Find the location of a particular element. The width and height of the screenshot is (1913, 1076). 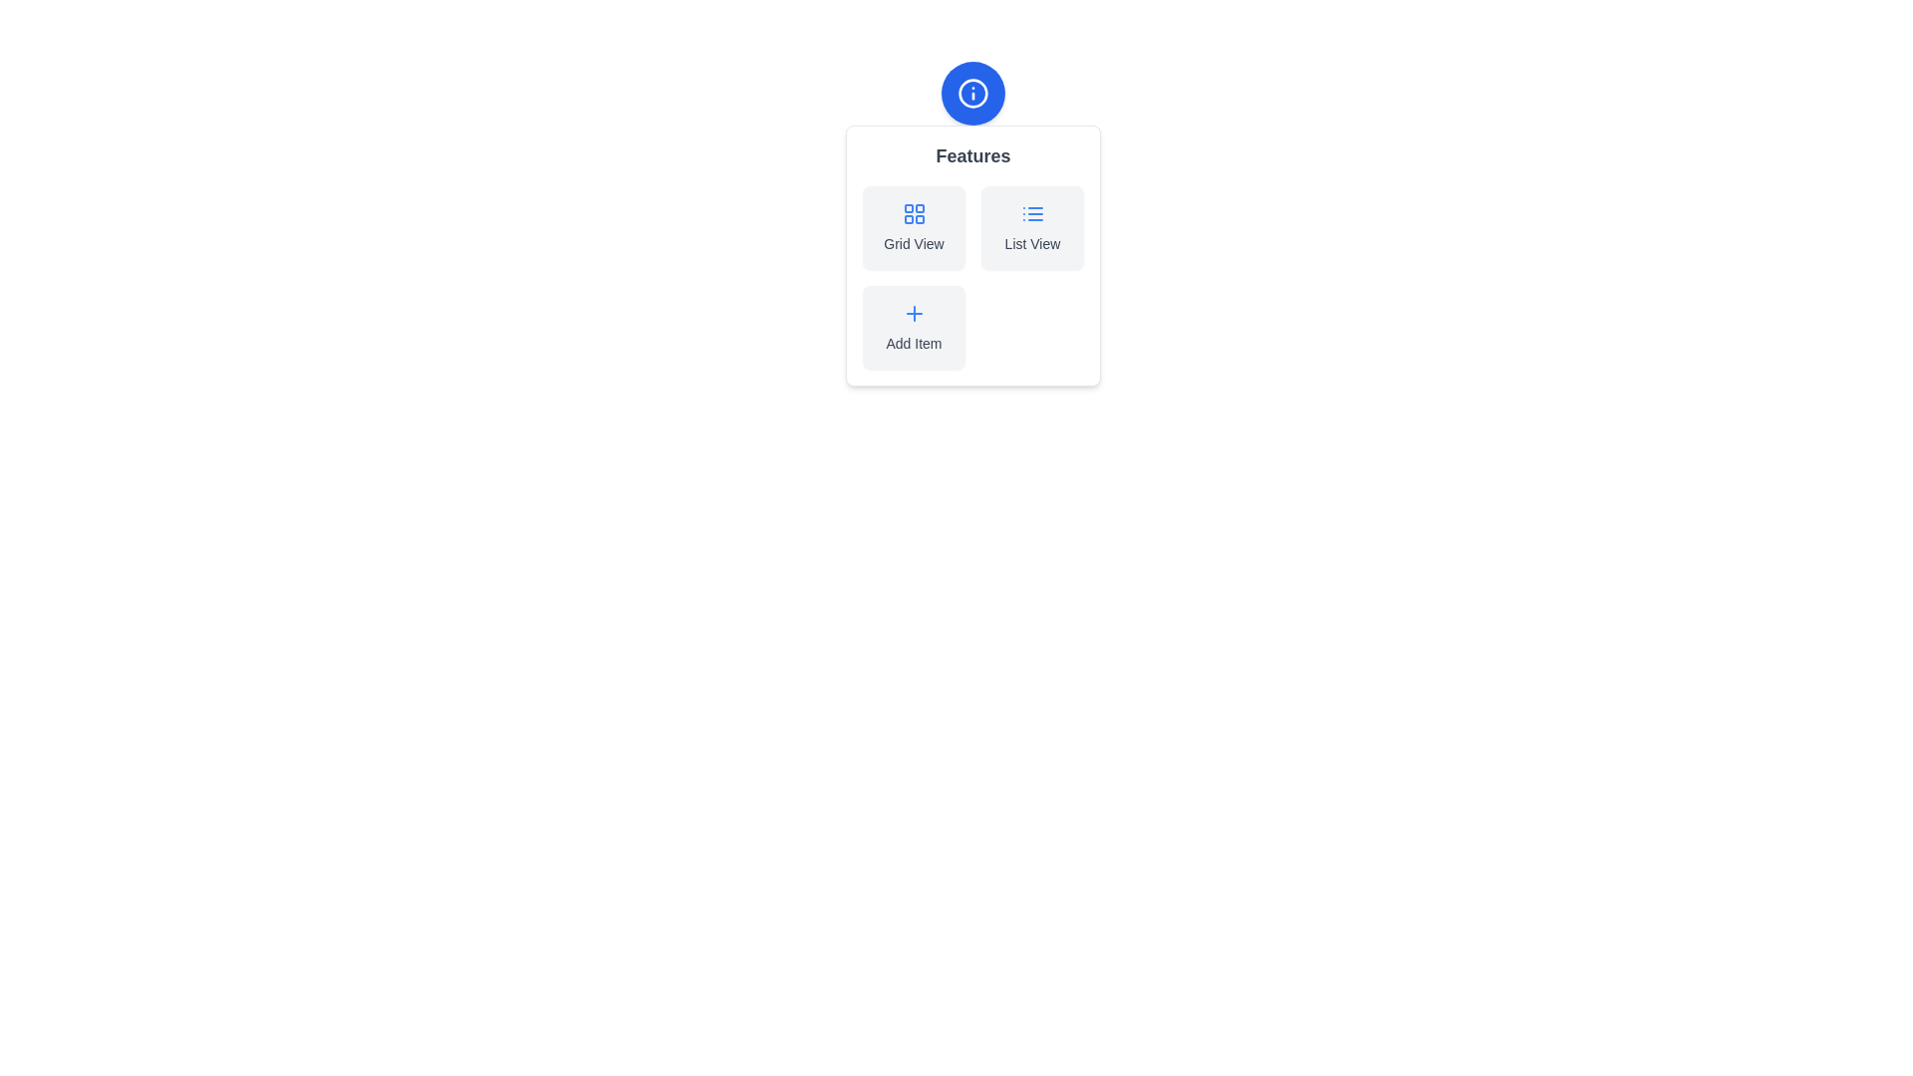

the informational button located at the top of the interface, which is a circular button with an SVG icon, to obtain more information about the features is located at coordinates (973, 93).